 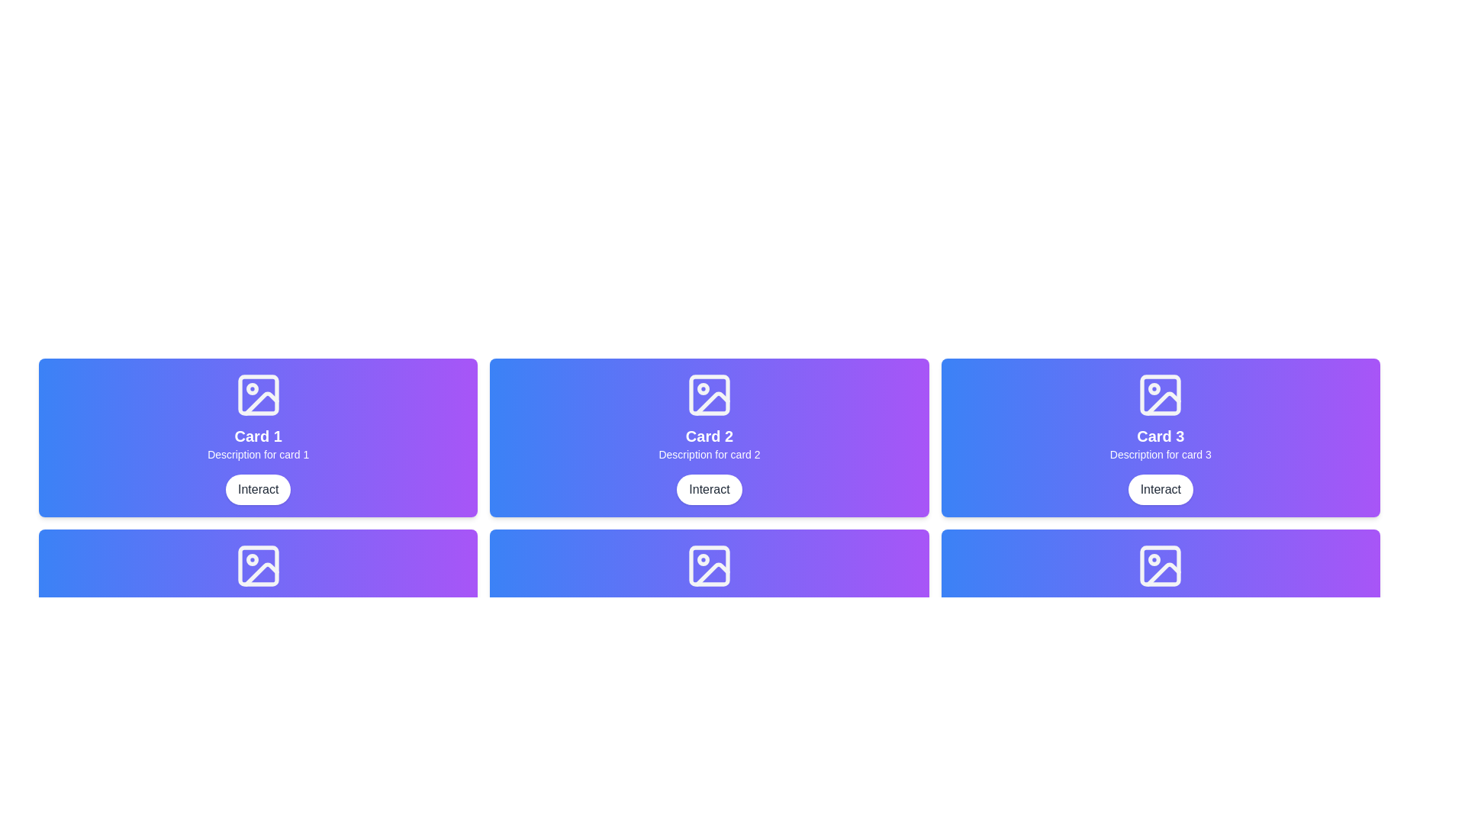 What do you see at coordinates (258, 394) in the screenshot?
I see `the visual icon component located at the top-left edge of the image icon within the 'Card 1' section` at bounding box center [258, 394].